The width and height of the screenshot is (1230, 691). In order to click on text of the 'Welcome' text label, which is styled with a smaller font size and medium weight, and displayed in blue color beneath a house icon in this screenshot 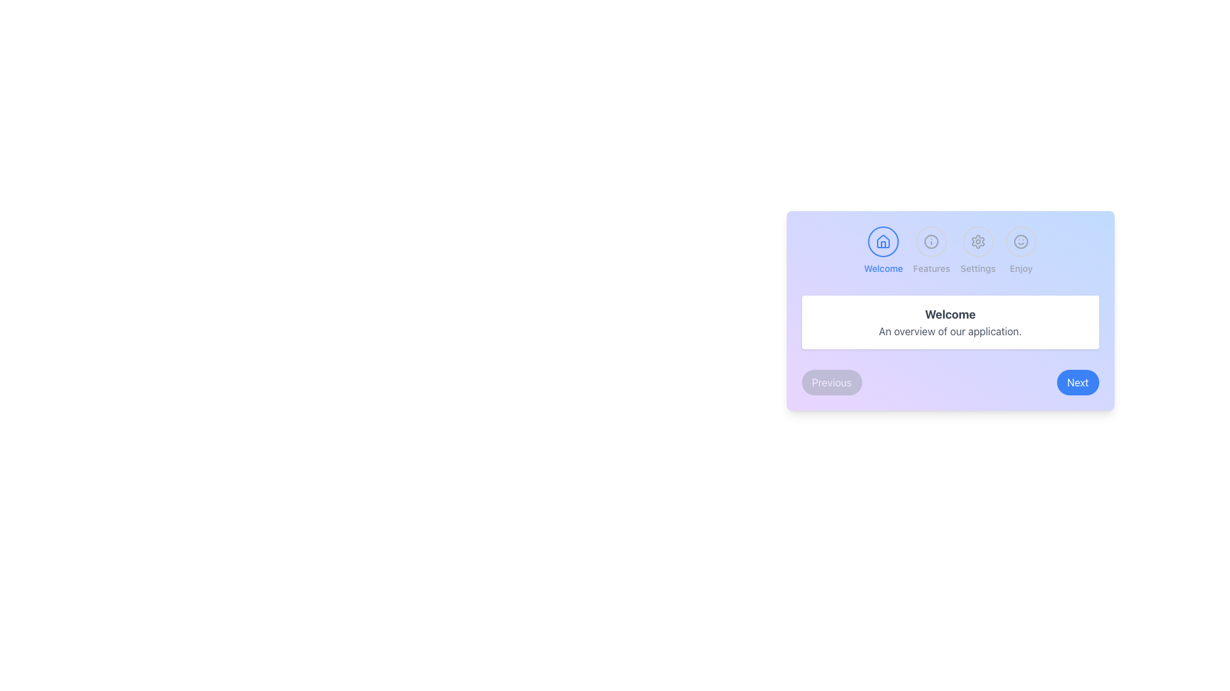, I will do `click(883, 268)`.